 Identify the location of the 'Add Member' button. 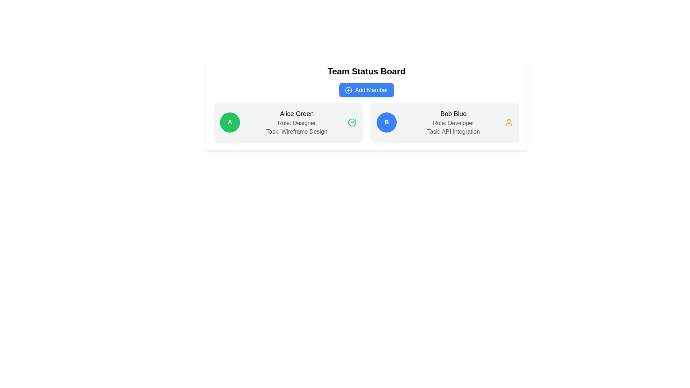
(366, 89).